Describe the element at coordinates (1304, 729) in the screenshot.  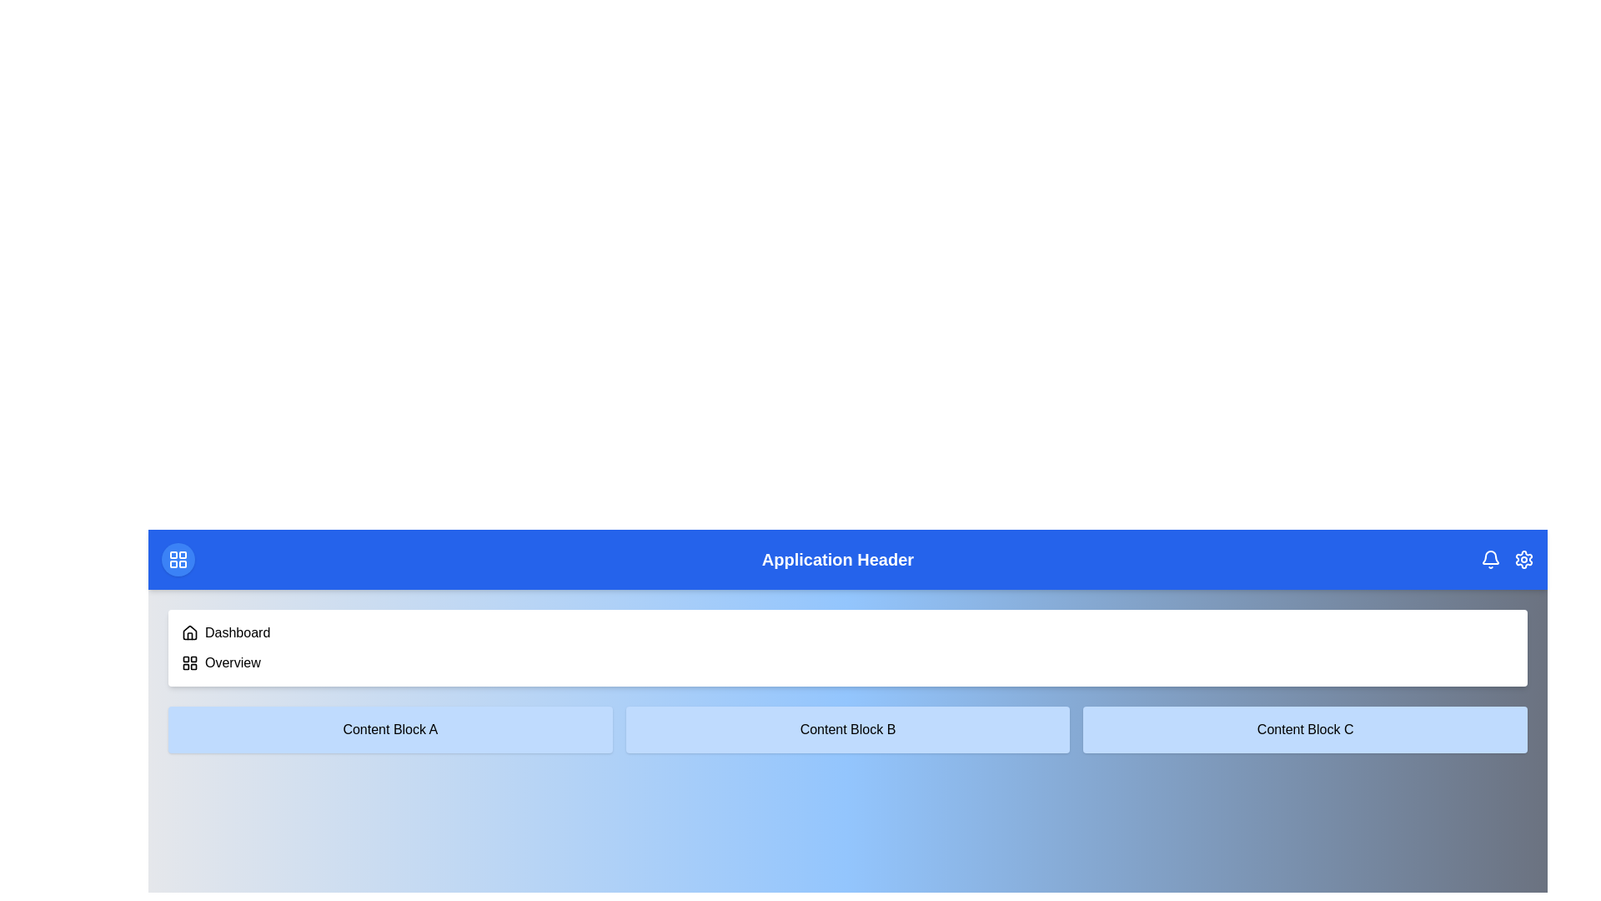
I see `the 'Content Block C' area` at that location.